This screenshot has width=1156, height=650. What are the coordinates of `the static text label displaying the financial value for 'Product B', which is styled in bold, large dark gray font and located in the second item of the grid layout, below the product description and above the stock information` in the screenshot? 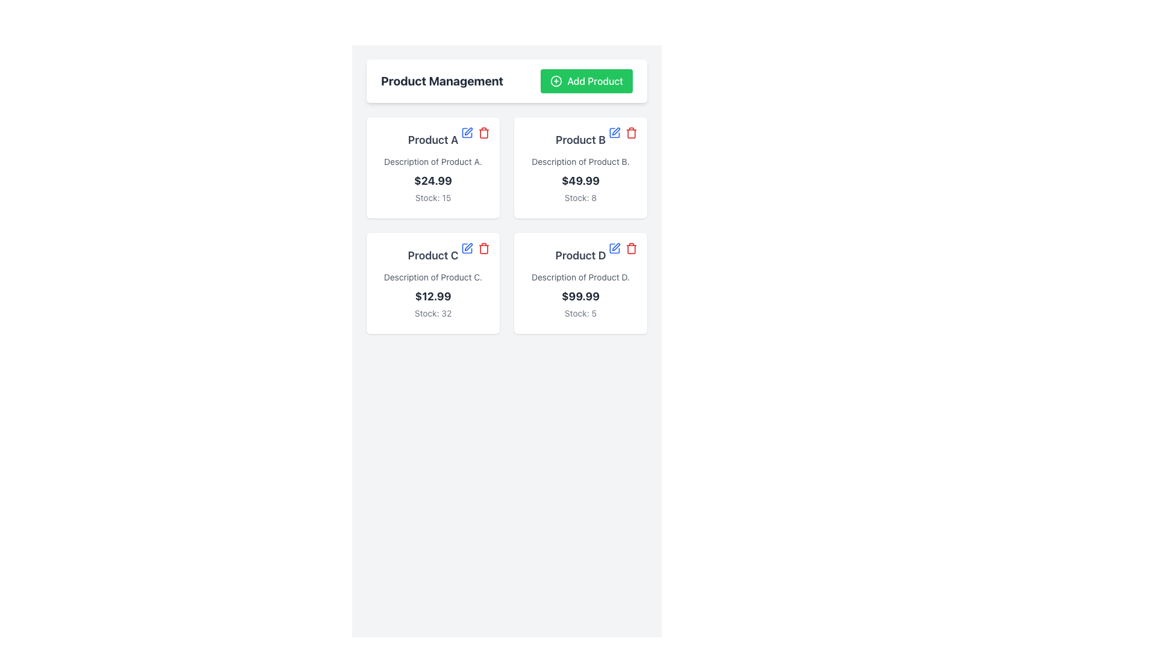 It's located at (580, 181).